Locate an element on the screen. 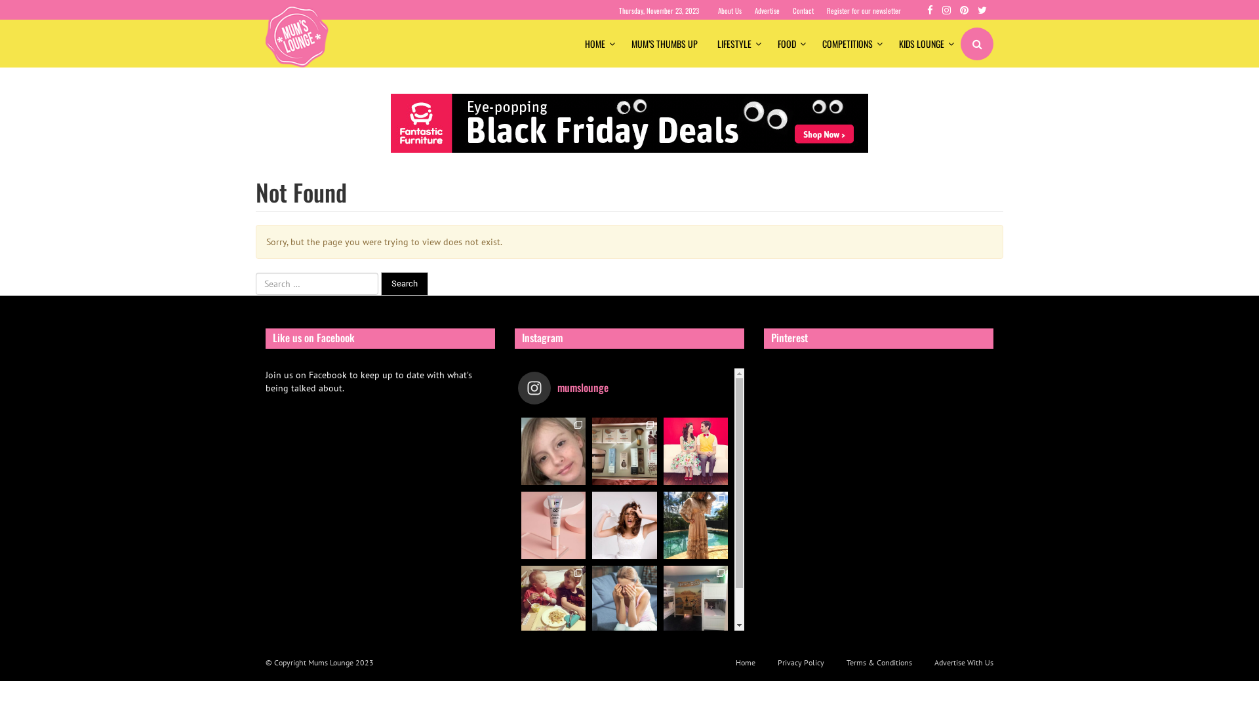 This screenshot has height=708, width=1259. 'Advertise With Us' is located at coordinates (924, 662).